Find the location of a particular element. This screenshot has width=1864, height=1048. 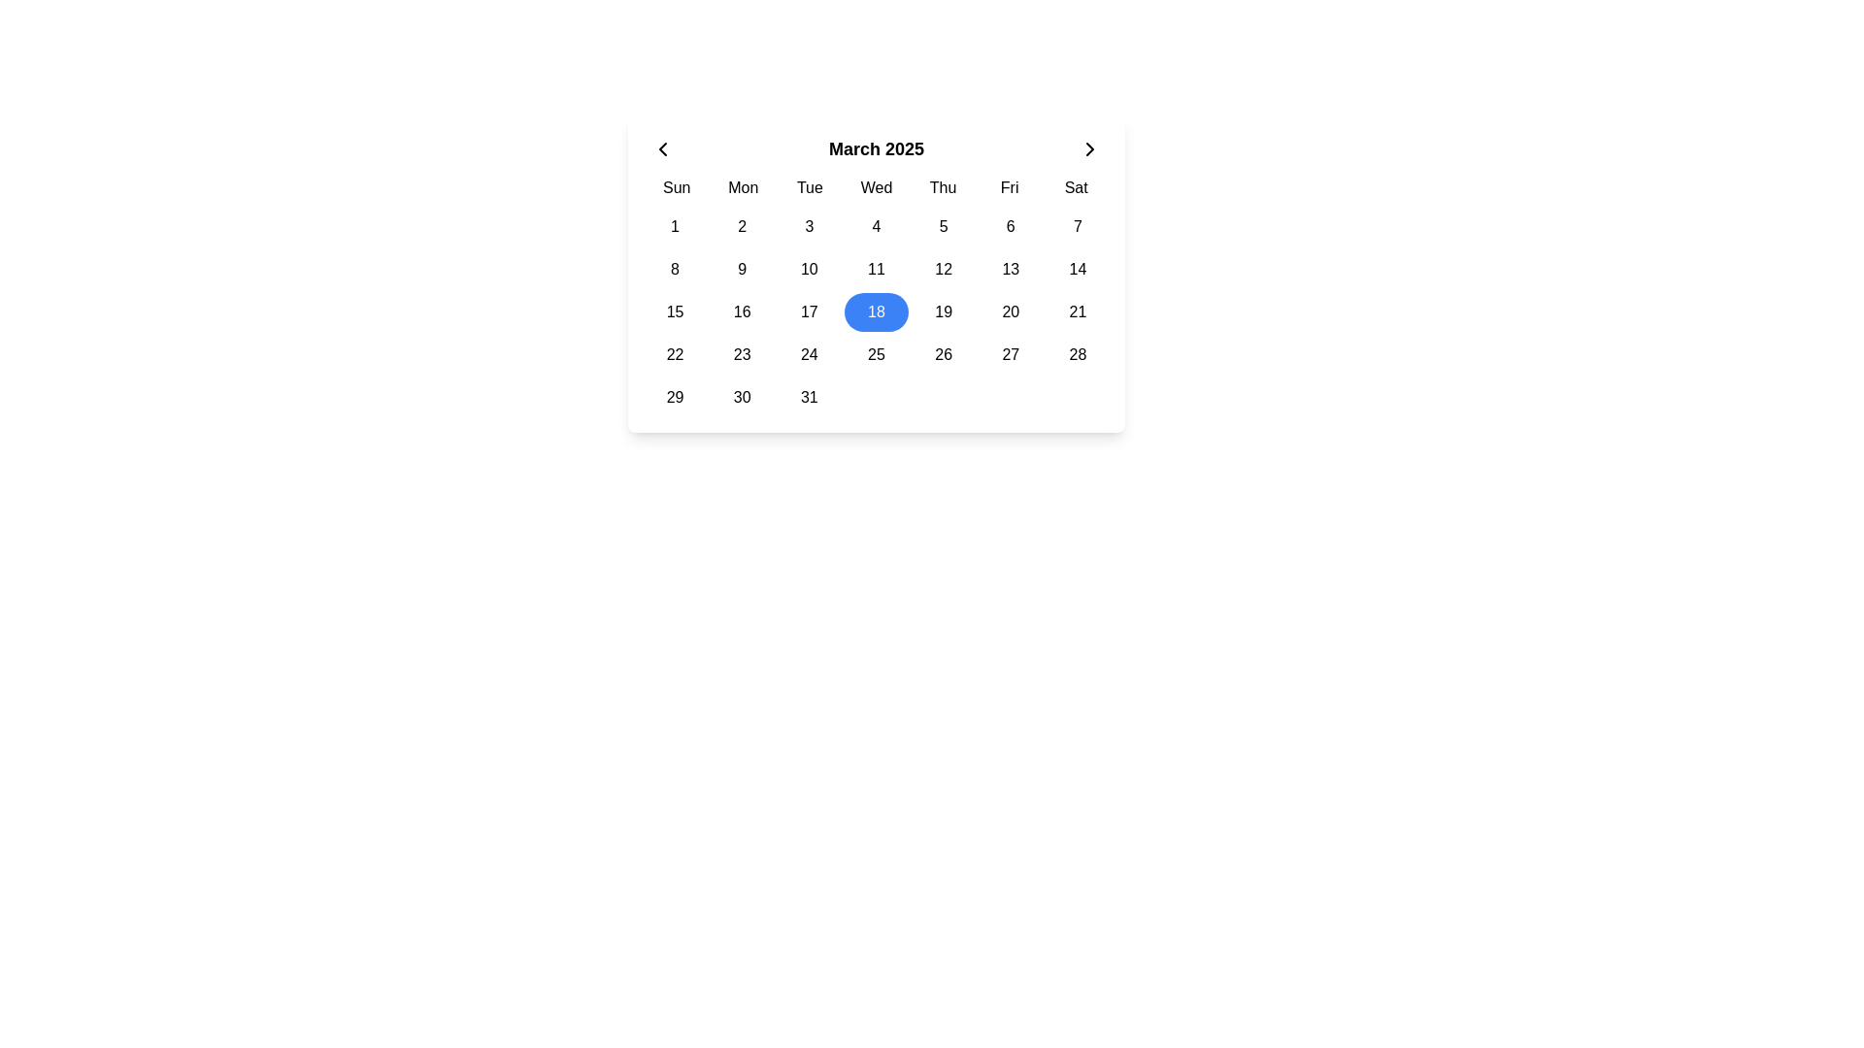

the button that allows users to select the date '16' in the calendar, located in the third row and second column of the calendar interface is located at coordinates (741, 311).